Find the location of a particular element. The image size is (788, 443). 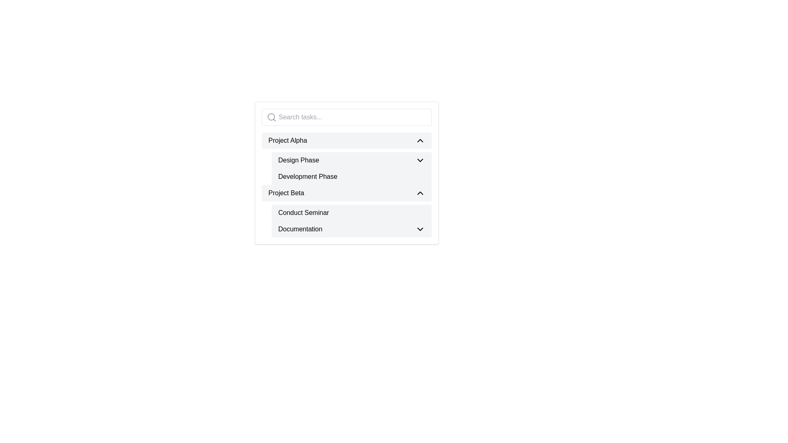

the Chevron Down icon located at the top-center-right of the 'Design Phase' label area is located at coordinates (420, 160).